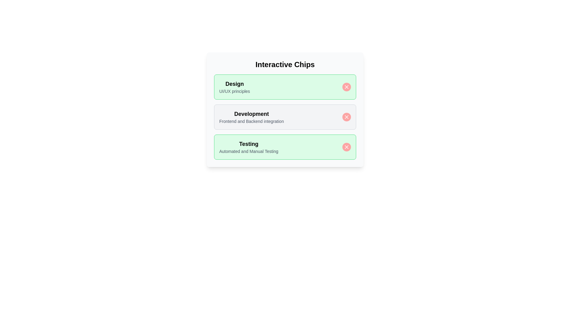 Image resolution: width=588 pixels, height=331 pixels. What do you see at coordinates (285, 117) in the screenshot?
I see `the chip labeled 'Development' to trigger its hover animation` at bounding box center [285, 117].